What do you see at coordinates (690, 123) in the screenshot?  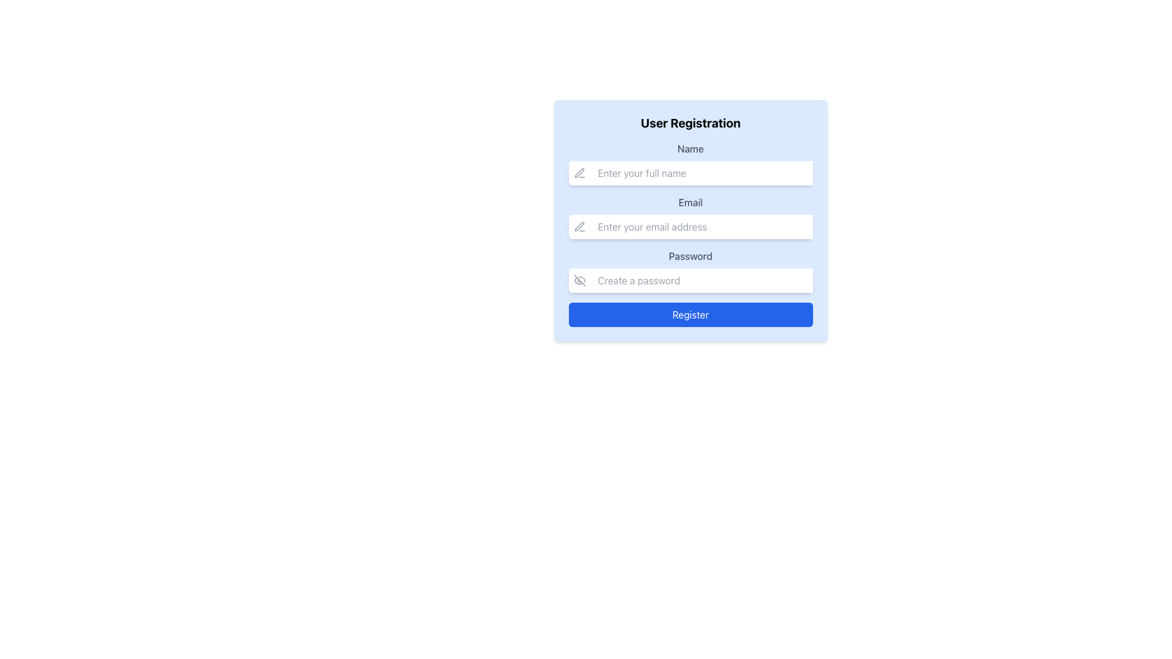 I see `the Static Text Label that serves as the header for the registration form, positioned at the top of the form above the fields for 'Name', 'Email', and 'Password'` at bounding box center [690, 123].